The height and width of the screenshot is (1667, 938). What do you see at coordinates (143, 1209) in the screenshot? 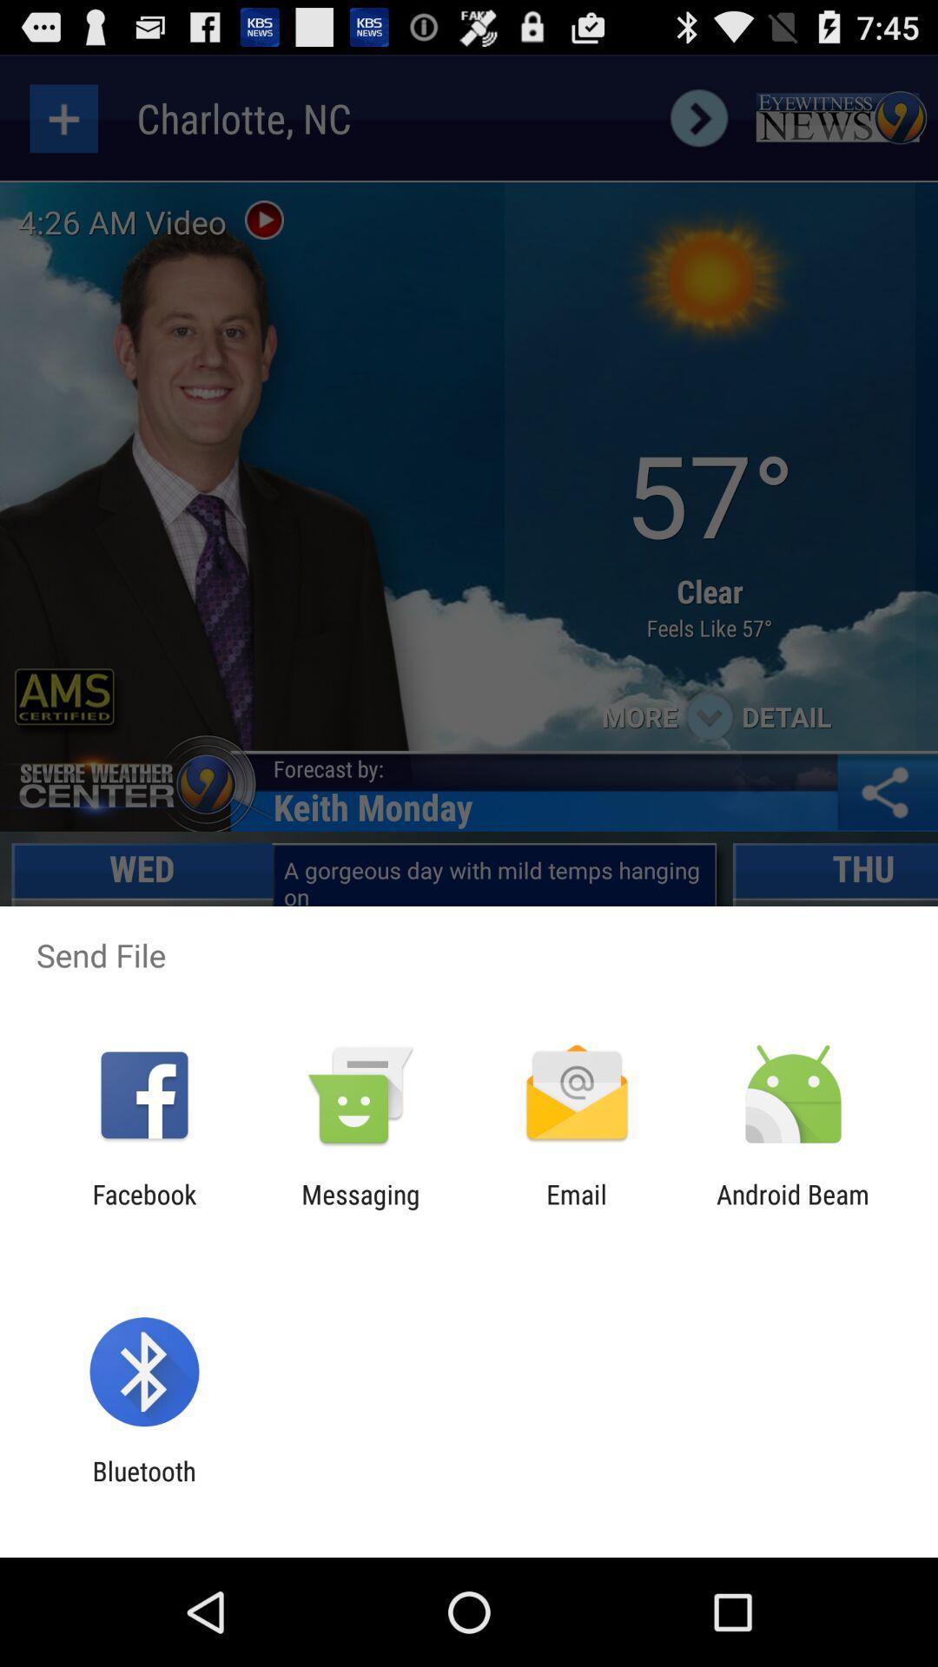
I see `app next to the messaging icon` at bounding box center [143, 1209].